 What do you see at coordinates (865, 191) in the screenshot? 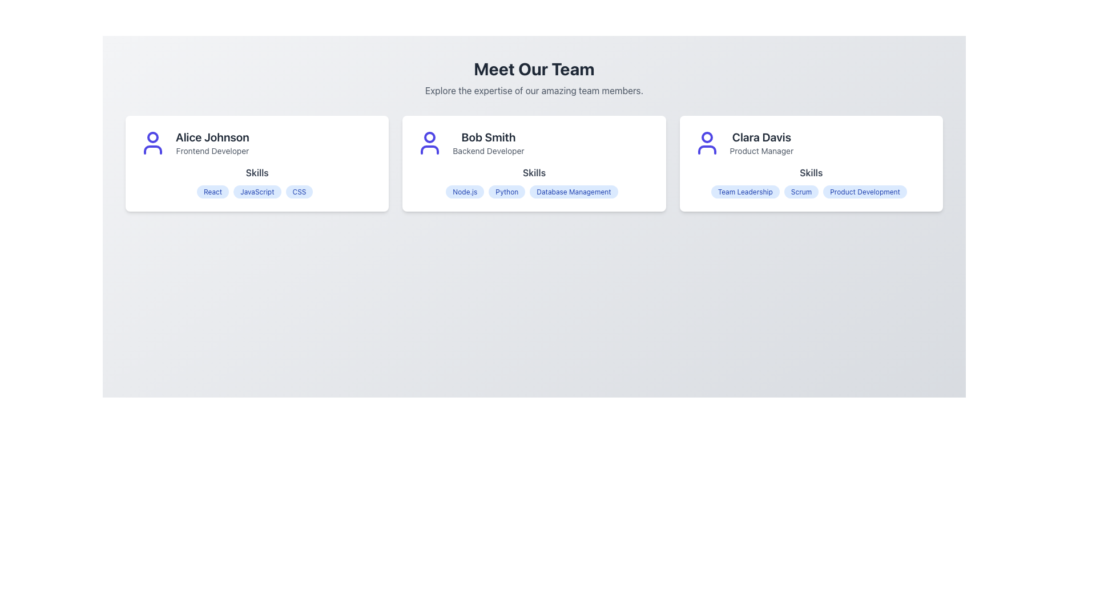
I see `the 'Product Development' text label, which is the third badge in the 'Skills' section of Clara Davis' profile, indicating her expertise` at bounding box center [865, 191].